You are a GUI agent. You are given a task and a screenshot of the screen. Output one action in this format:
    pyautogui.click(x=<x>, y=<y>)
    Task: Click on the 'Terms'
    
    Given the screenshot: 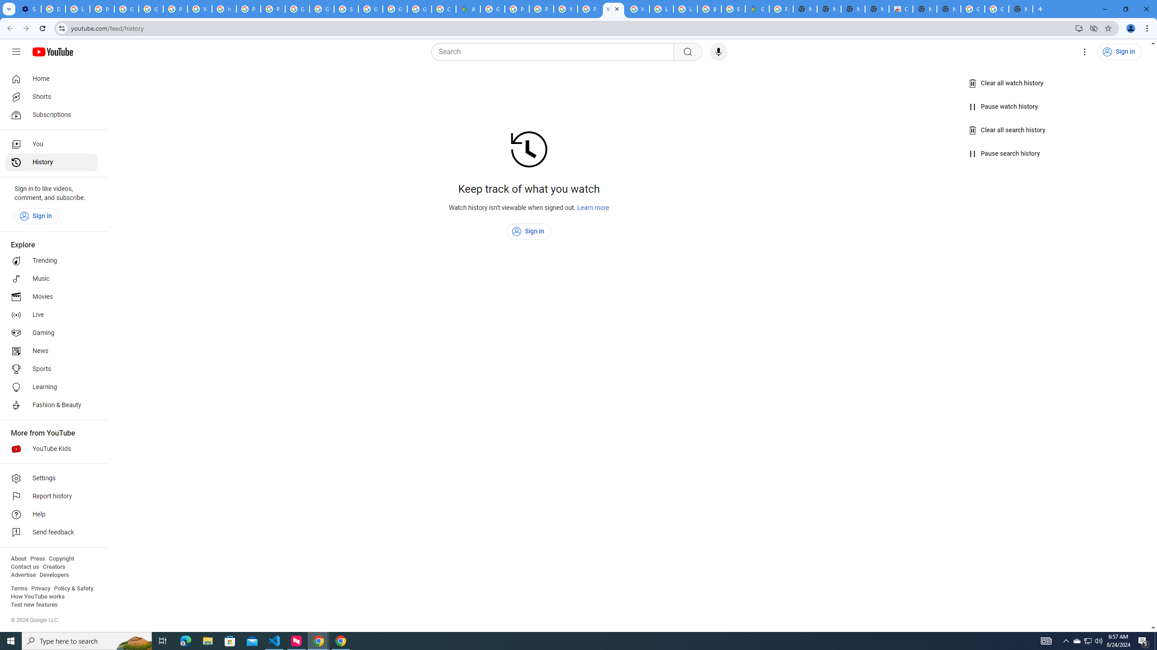 What is the action you would take?
    pyautogui.click(x=19, y=588)
    